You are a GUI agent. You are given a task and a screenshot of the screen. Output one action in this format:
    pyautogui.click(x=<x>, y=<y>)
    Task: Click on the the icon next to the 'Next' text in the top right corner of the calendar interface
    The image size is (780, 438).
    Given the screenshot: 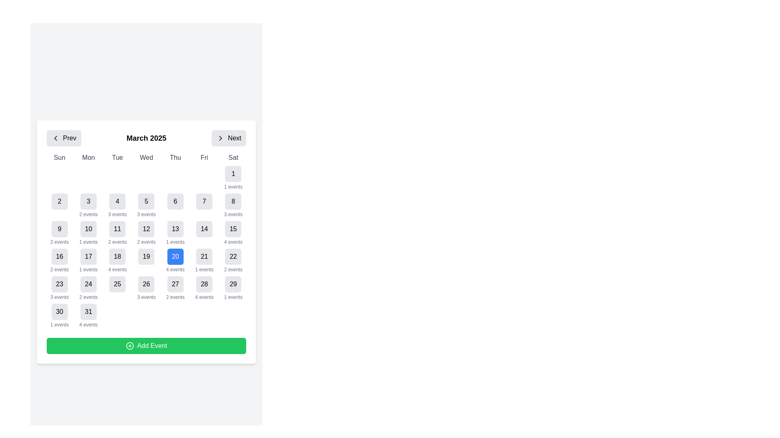 What is the action you would take?
    pyautogui.click(x=221, y=137)
    